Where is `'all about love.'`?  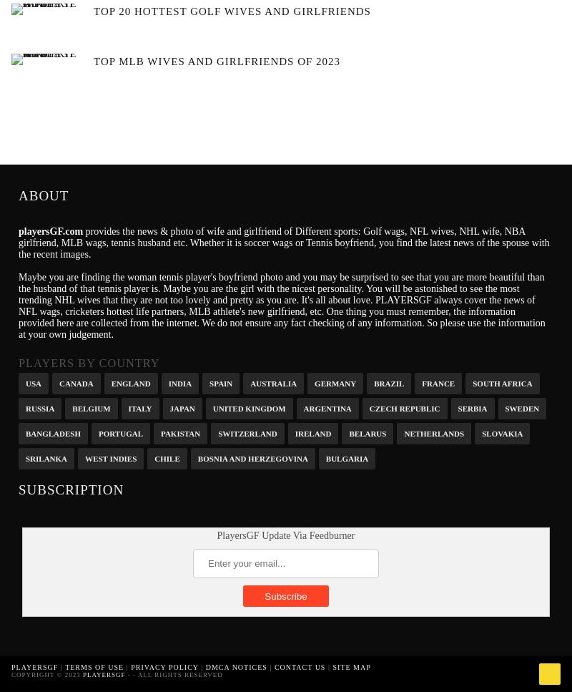 'all about love.' is located at coordinates (342, 299).